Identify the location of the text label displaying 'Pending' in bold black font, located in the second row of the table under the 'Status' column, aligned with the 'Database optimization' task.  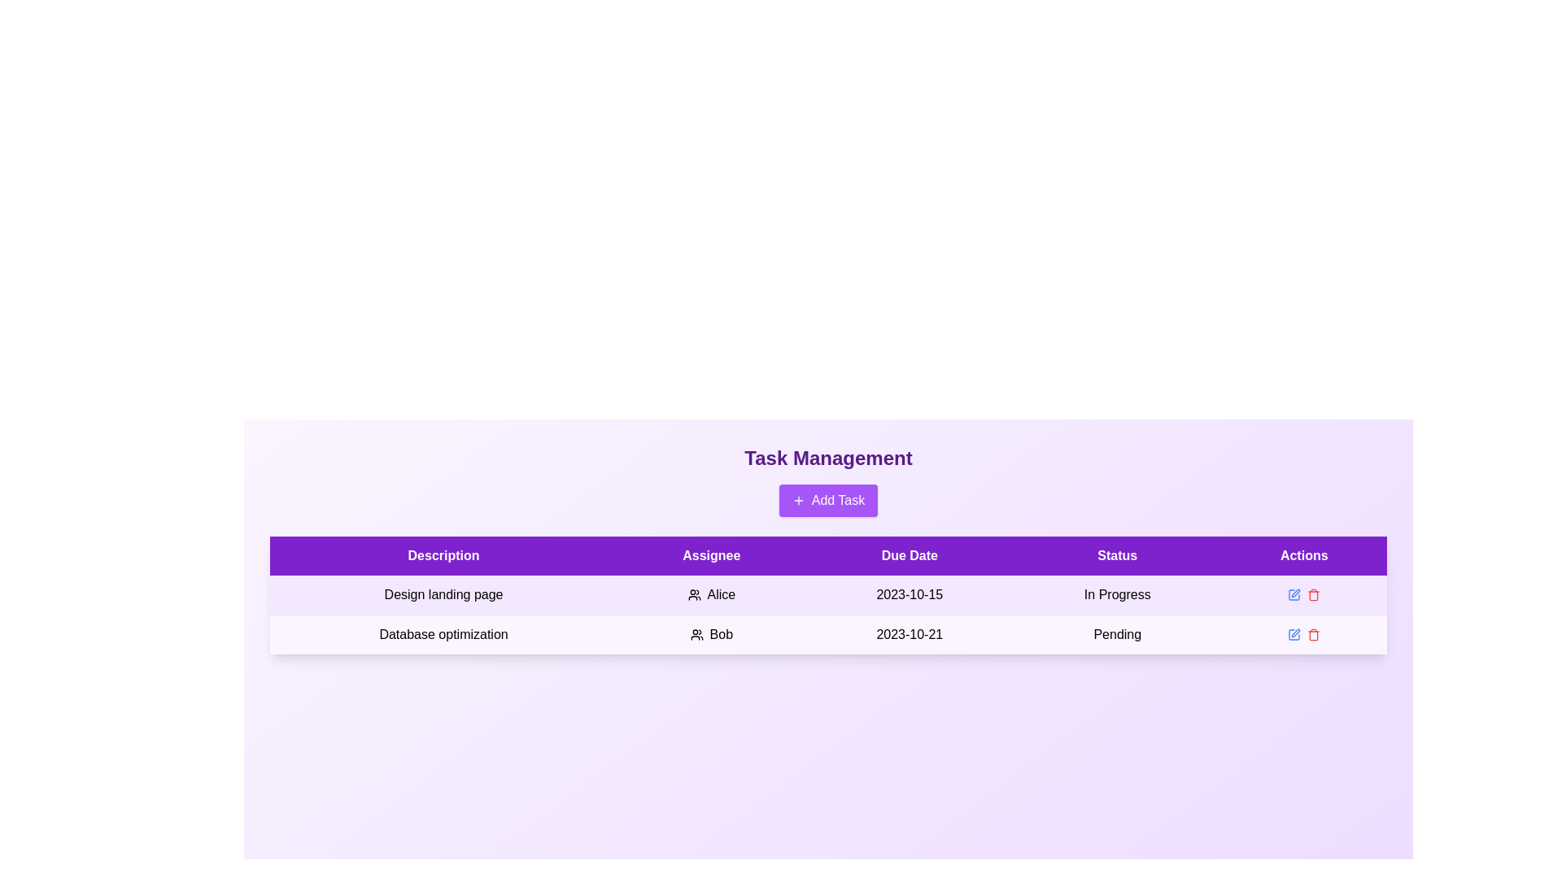
(1116, 633).